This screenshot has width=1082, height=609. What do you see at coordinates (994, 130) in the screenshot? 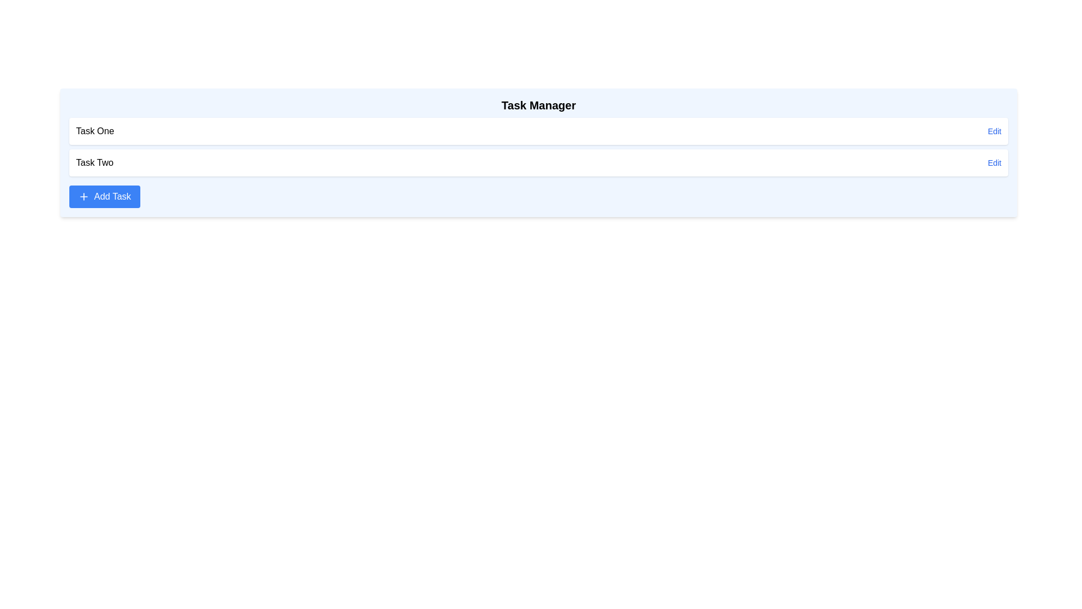
I see `the 'Edit' link that follows the 'Task One' text to initiate editing for the task` at bounding box center [994, 130].